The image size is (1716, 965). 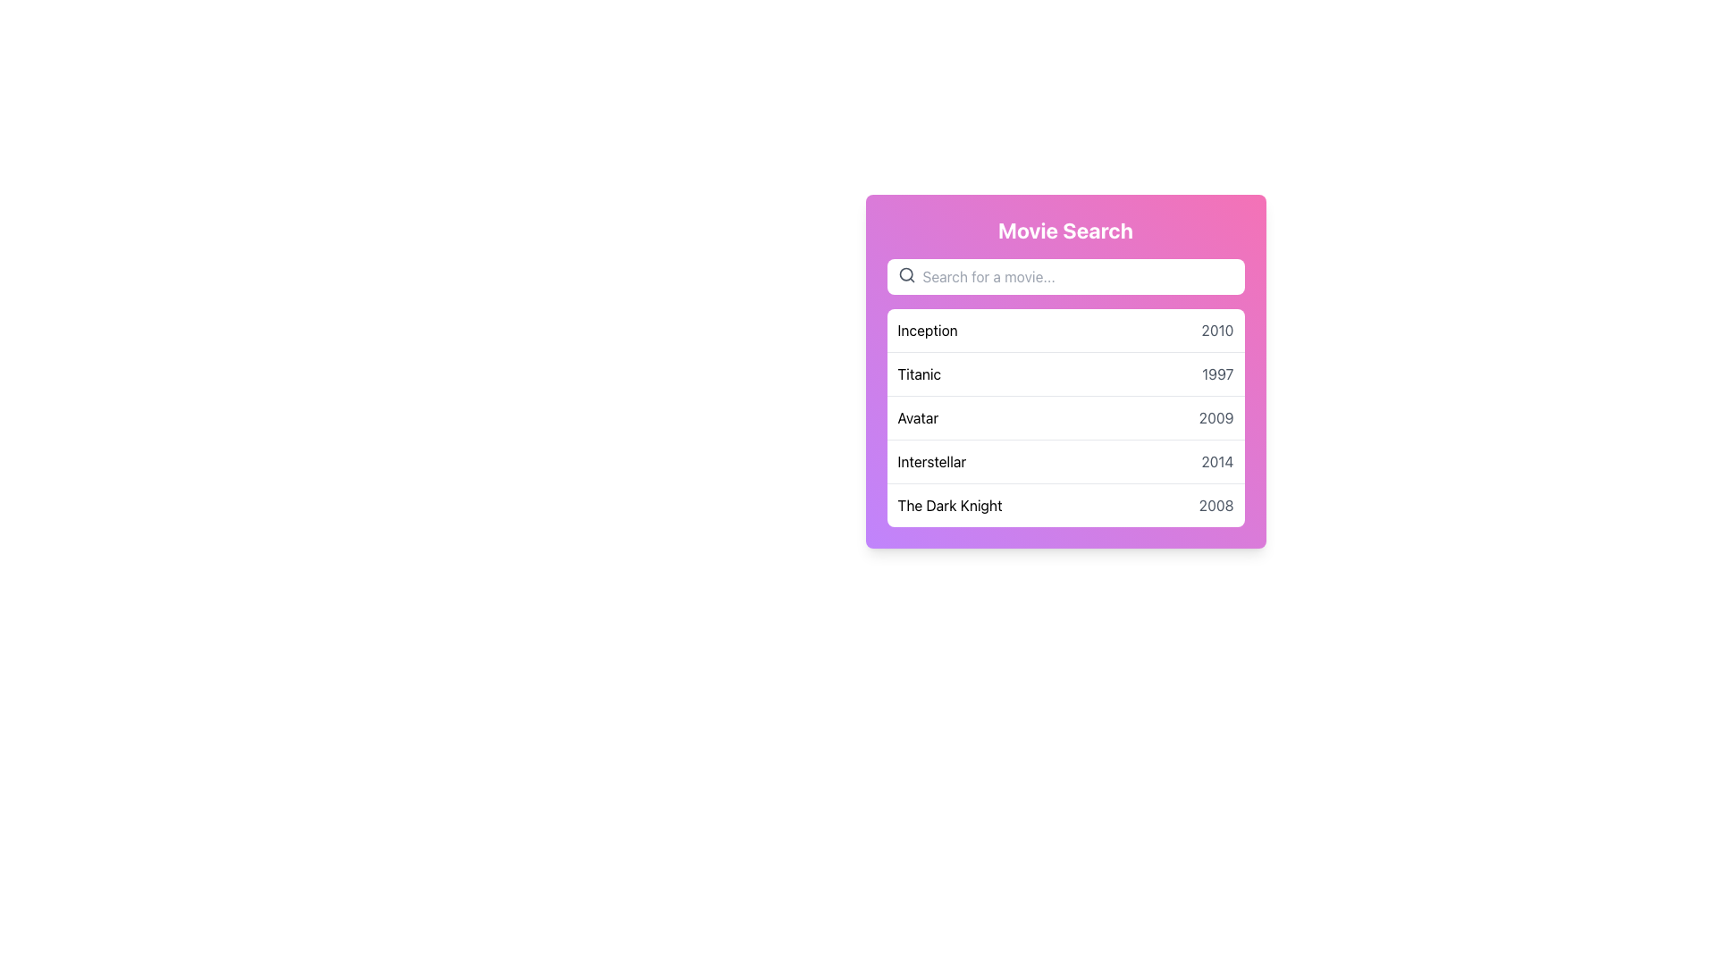 What do you see at coordinates (1065, 460) in the screenshot?
I see `the List Item element that displays the movie title 'Interstellar' (2014) in the fourth row of the 'Movie Search' list` at bounding box center [1065, 460].